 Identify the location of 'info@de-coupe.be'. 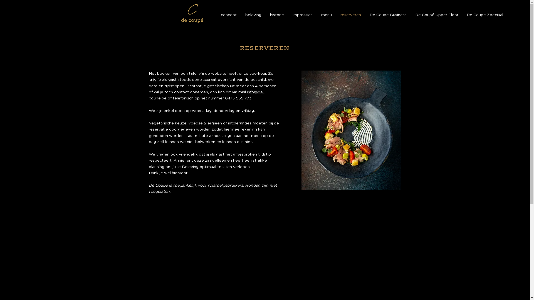
(206, 95).